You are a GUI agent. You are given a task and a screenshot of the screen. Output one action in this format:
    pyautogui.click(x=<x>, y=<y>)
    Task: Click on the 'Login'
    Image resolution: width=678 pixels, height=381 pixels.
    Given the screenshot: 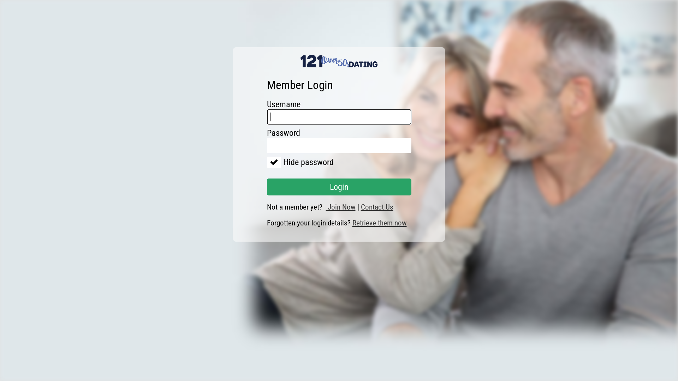 What is the action you would take?
    pyautogui.click(x=339, y=186)
    